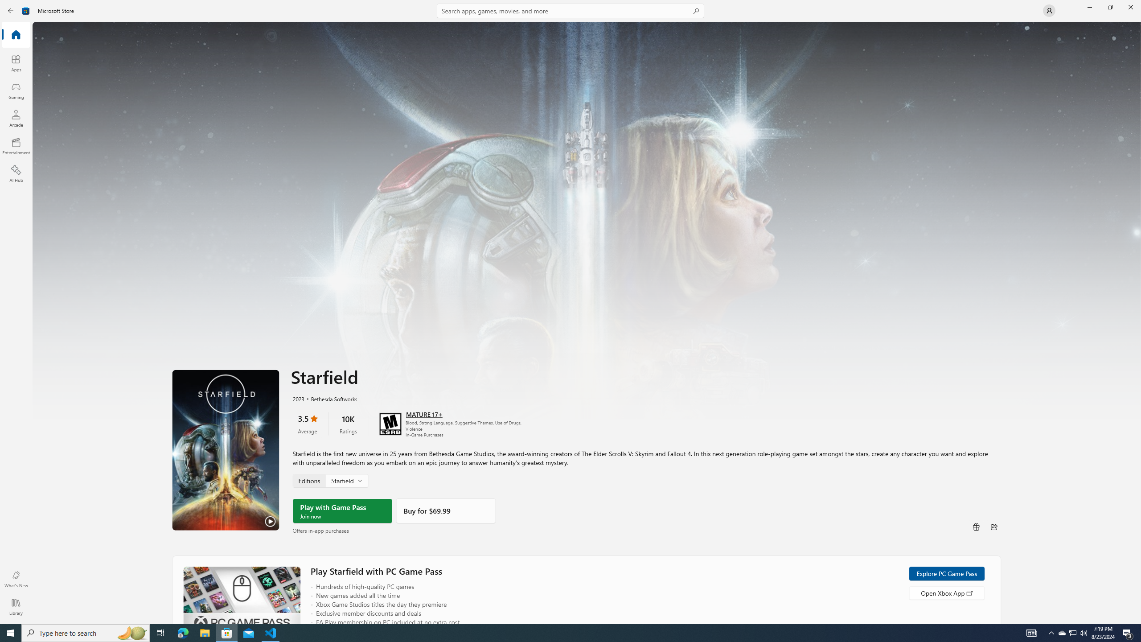 The width and height of the screenshot is (1141, 642). Describe the element at coordinates (15, 173) in the screenshot. I see `'AI Hub'` at that location.